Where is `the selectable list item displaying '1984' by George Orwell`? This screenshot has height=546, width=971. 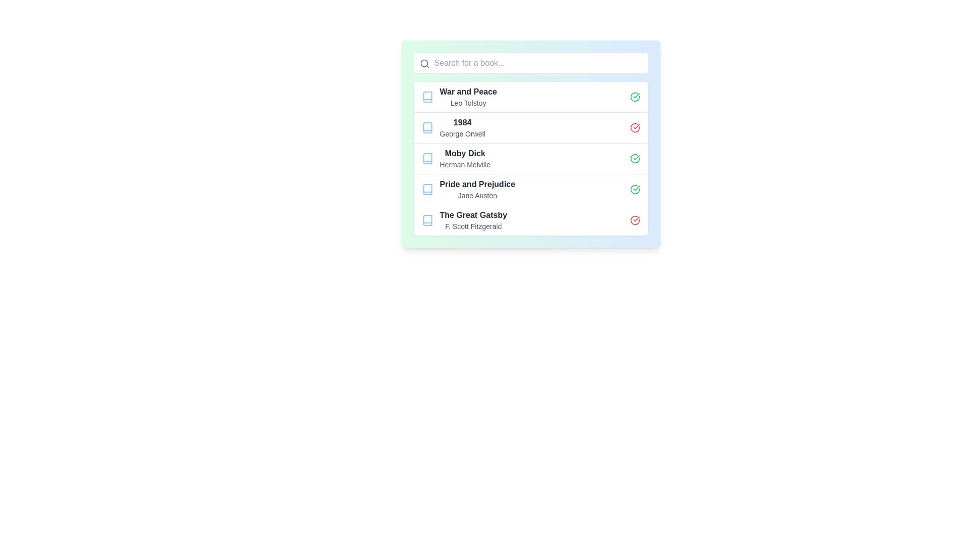 the selectable list item displaying '1984' by George Orwell is located at coordinates (530, 127).